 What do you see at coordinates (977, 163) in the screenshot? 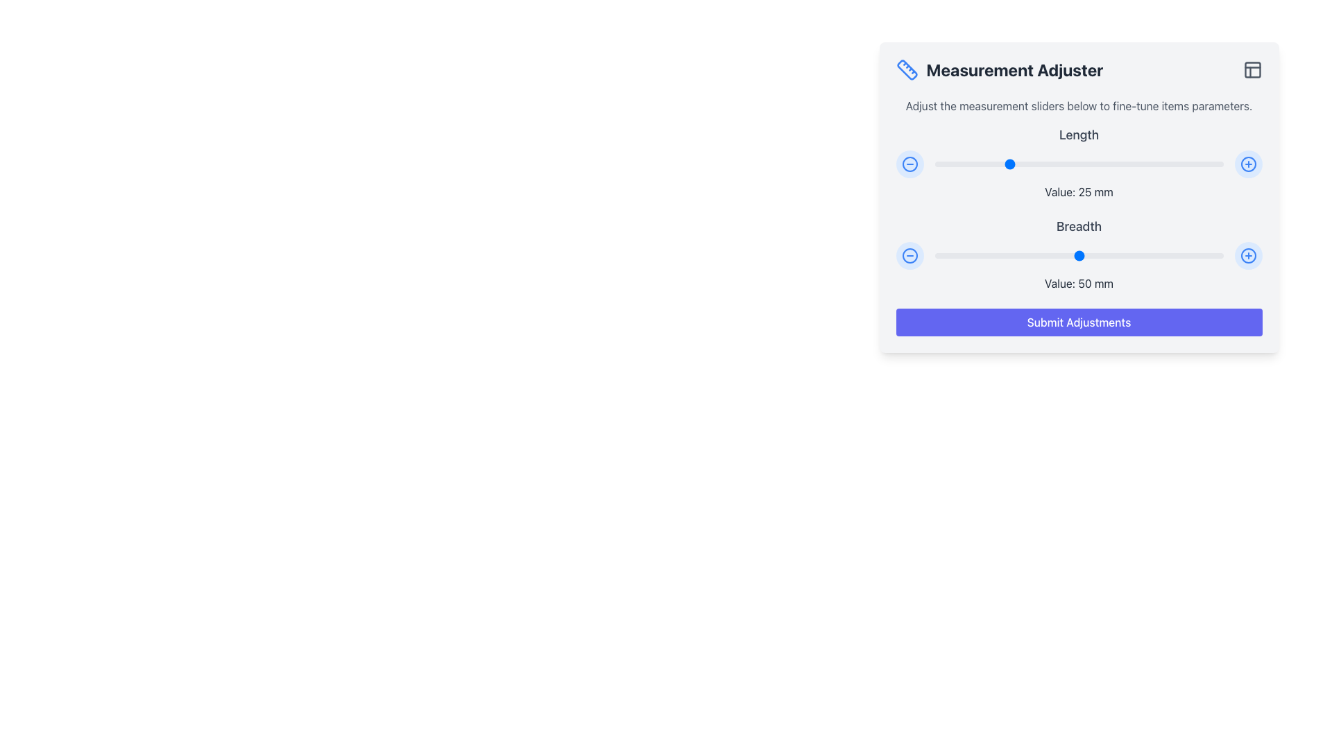
I see `the length adjustment slider` at bounding box center [977, 163].